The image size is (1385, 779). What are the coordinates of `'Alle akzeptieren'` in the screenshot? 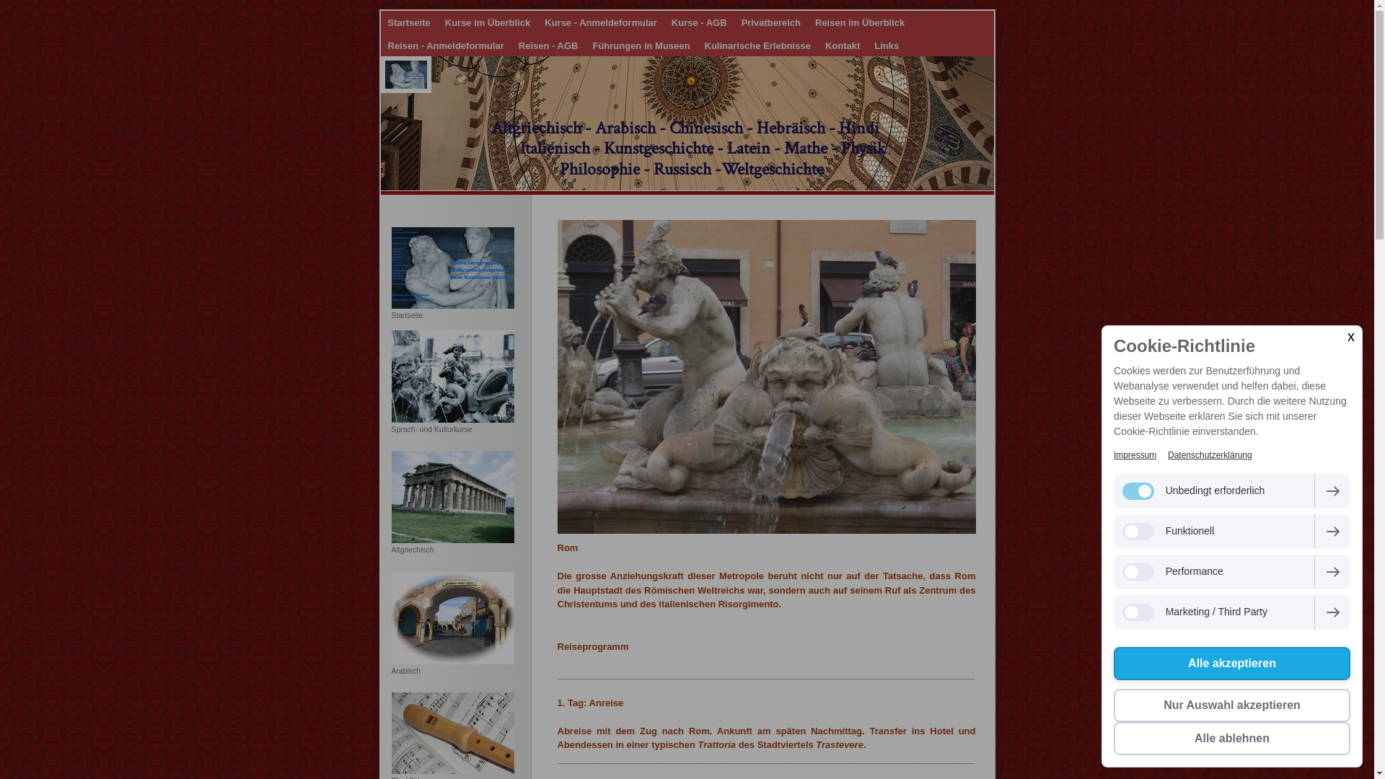 It's located at (1231, 664).